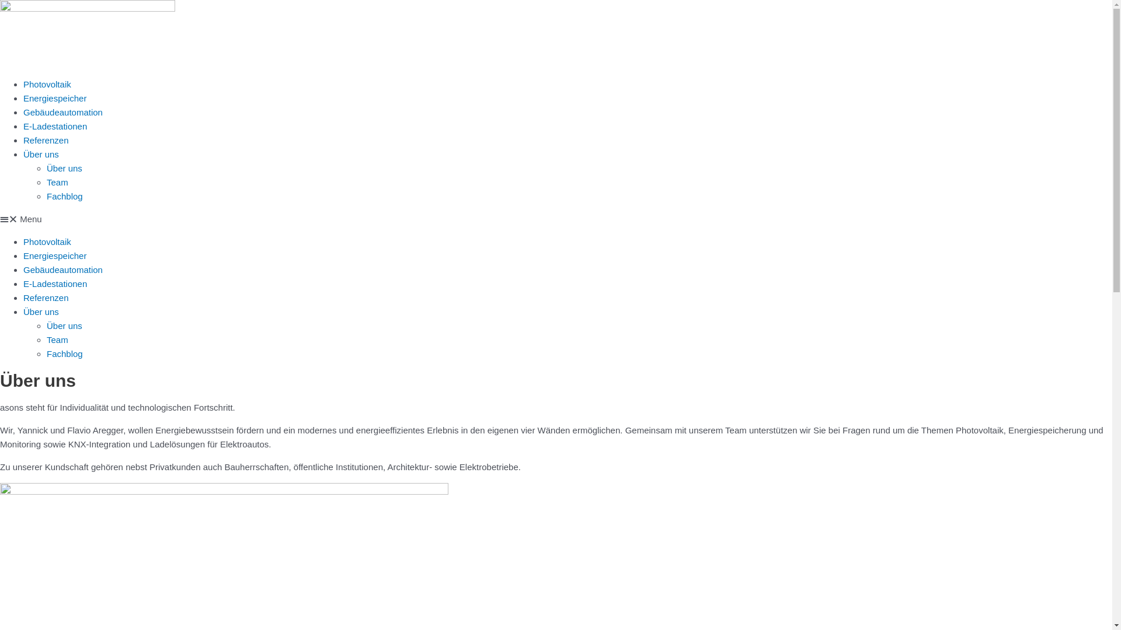 Image resolution: width=1121 pixels, height=630 pixels. Describe the element at coordinates (64, 353) in the screenshot. I see `'Fachblog'` at that location.